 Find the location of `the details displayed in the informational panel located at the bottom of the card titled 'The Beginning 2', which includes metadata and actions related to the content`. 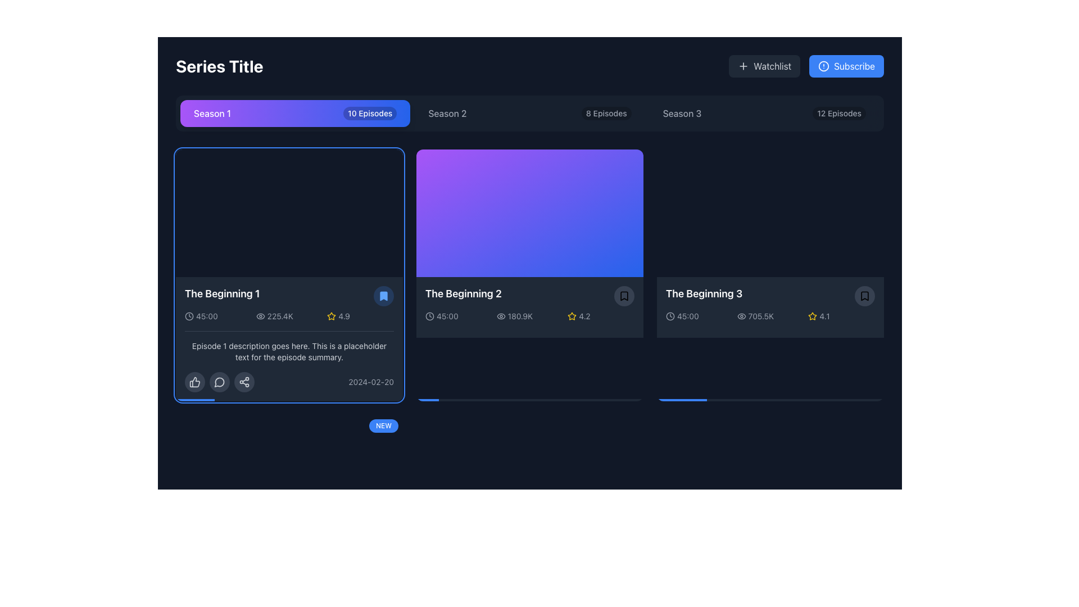

the details displayed in the informational panel located at the bottom of the card titled 'The Beginning 2', which includes metadata and actions related to the content is located at coordinates (529, 307).